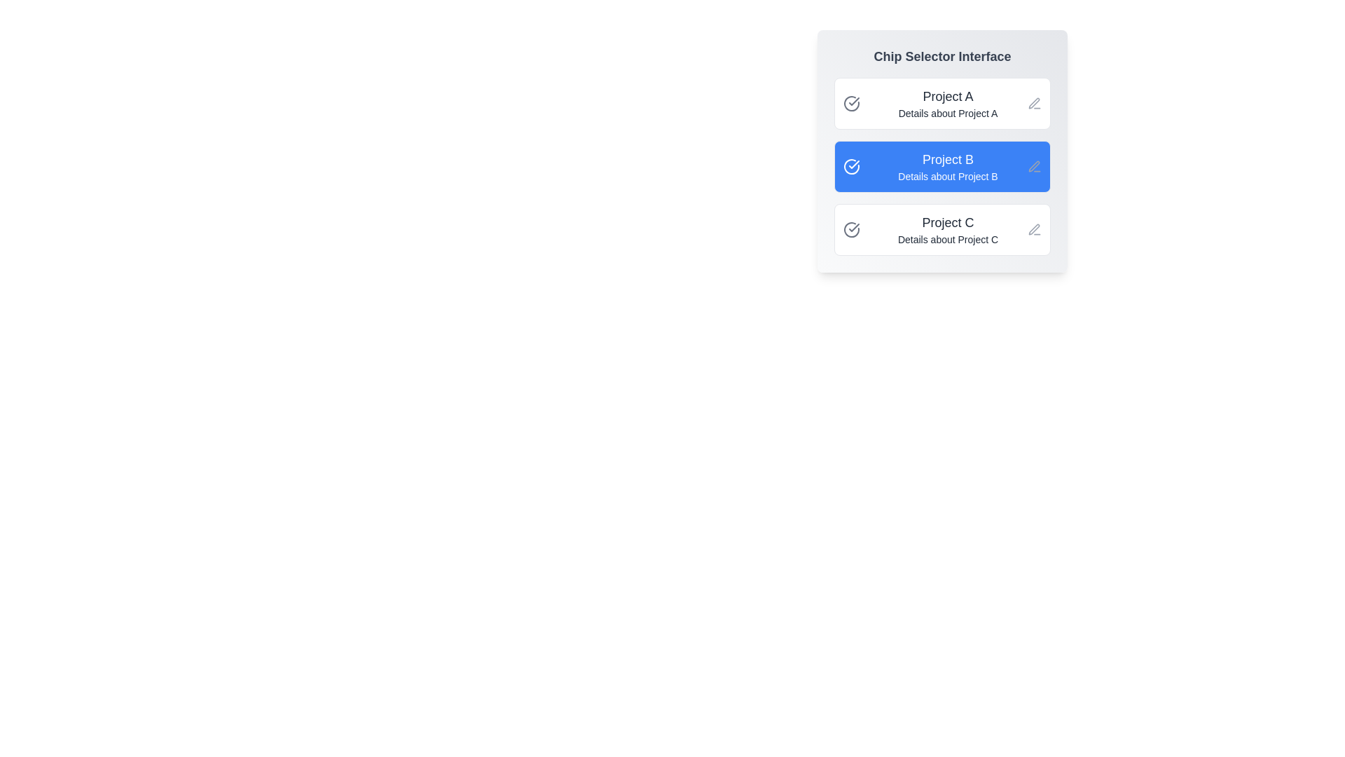 The width and height of the screenshot is (1345, 757). Describe the element at coordinates (942, 229) in the screenshot. I see `the chip corresponding to Project C to toggle its active state` at that location.